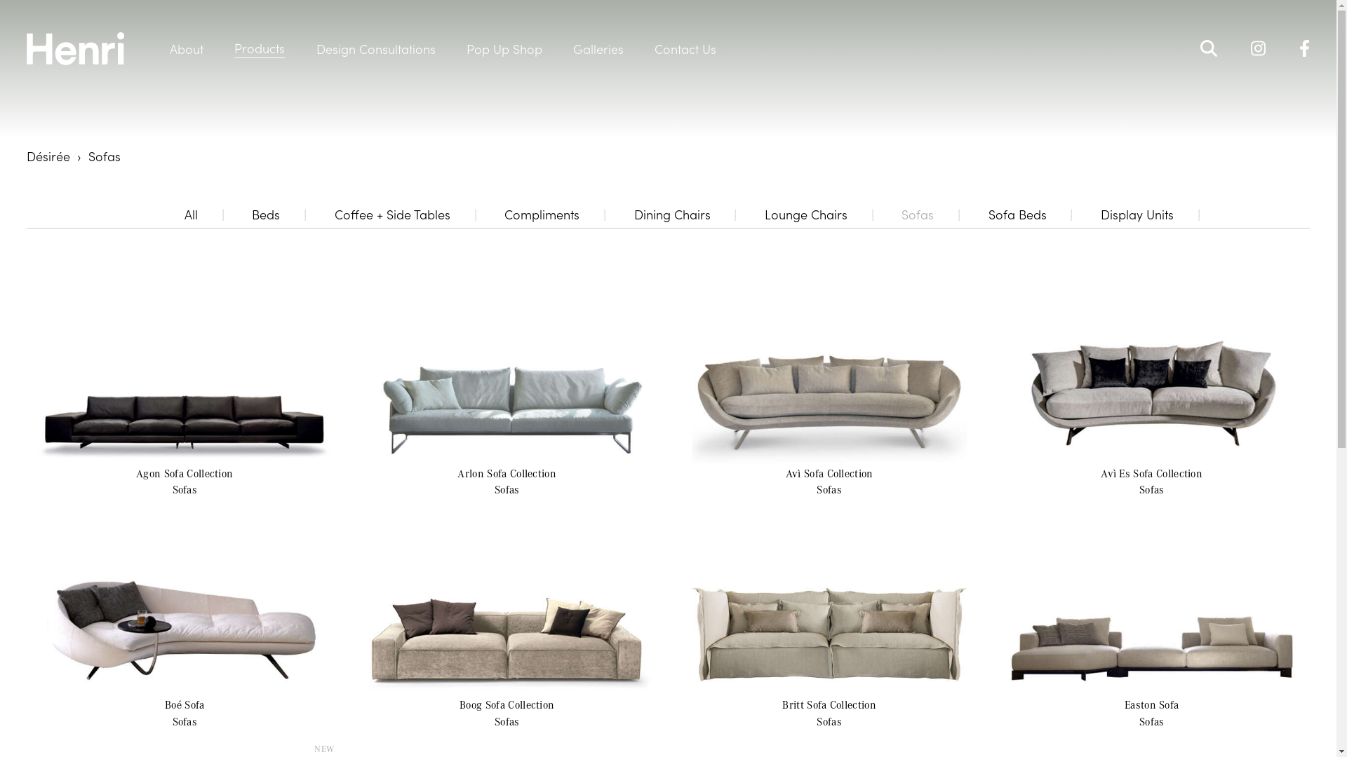 The height and width of the screenshot is (757, 1347). Describe the element at coordinates (506, 473) in the screenshot. I see `'Arlon Sofa Collection'` at that location.